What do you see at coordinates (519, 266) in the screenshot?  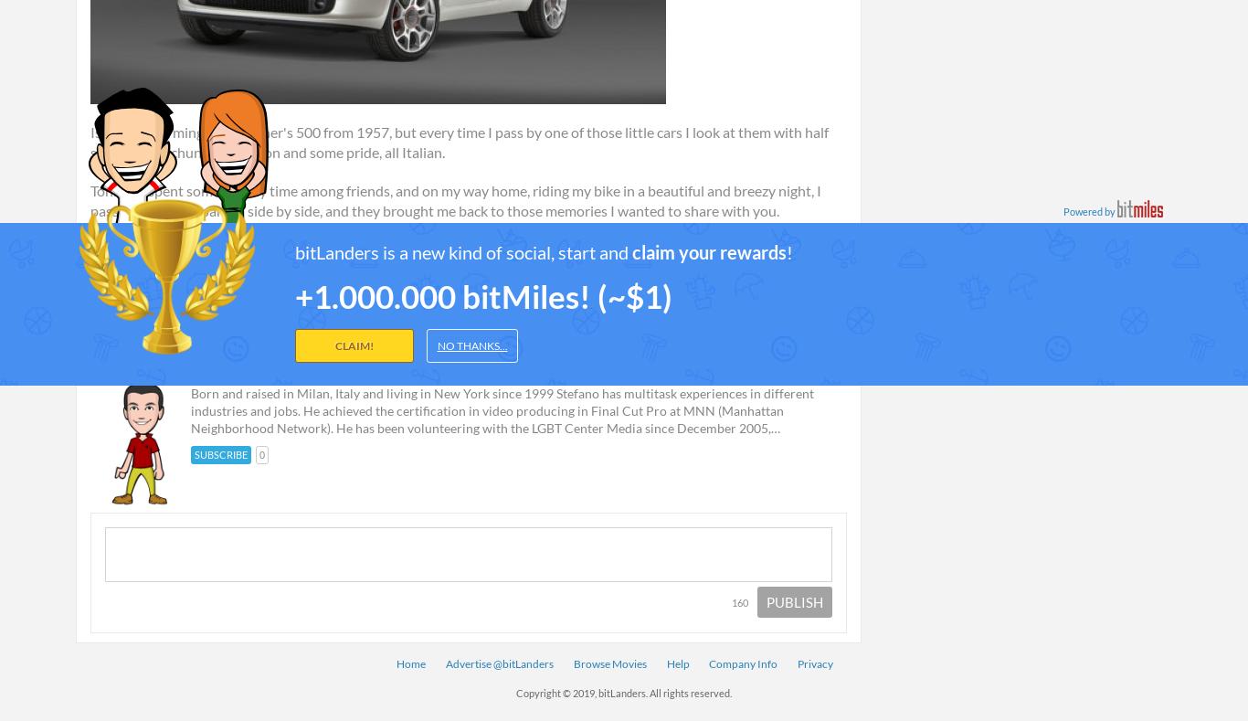 I see `'#500'` at bounding box center [519, 266].